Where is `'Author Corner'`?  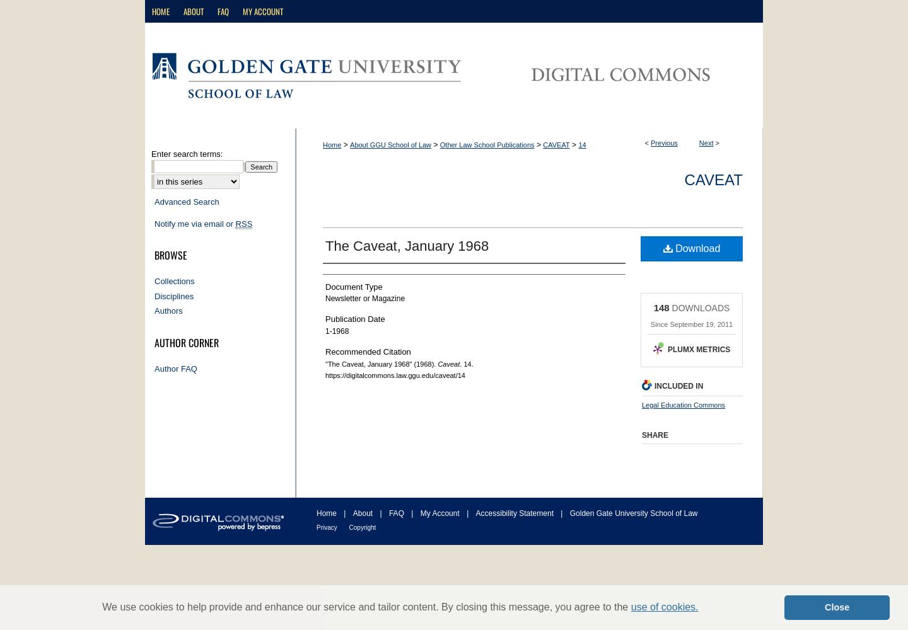
'Author Corner' is located at coordinates (186, 342).